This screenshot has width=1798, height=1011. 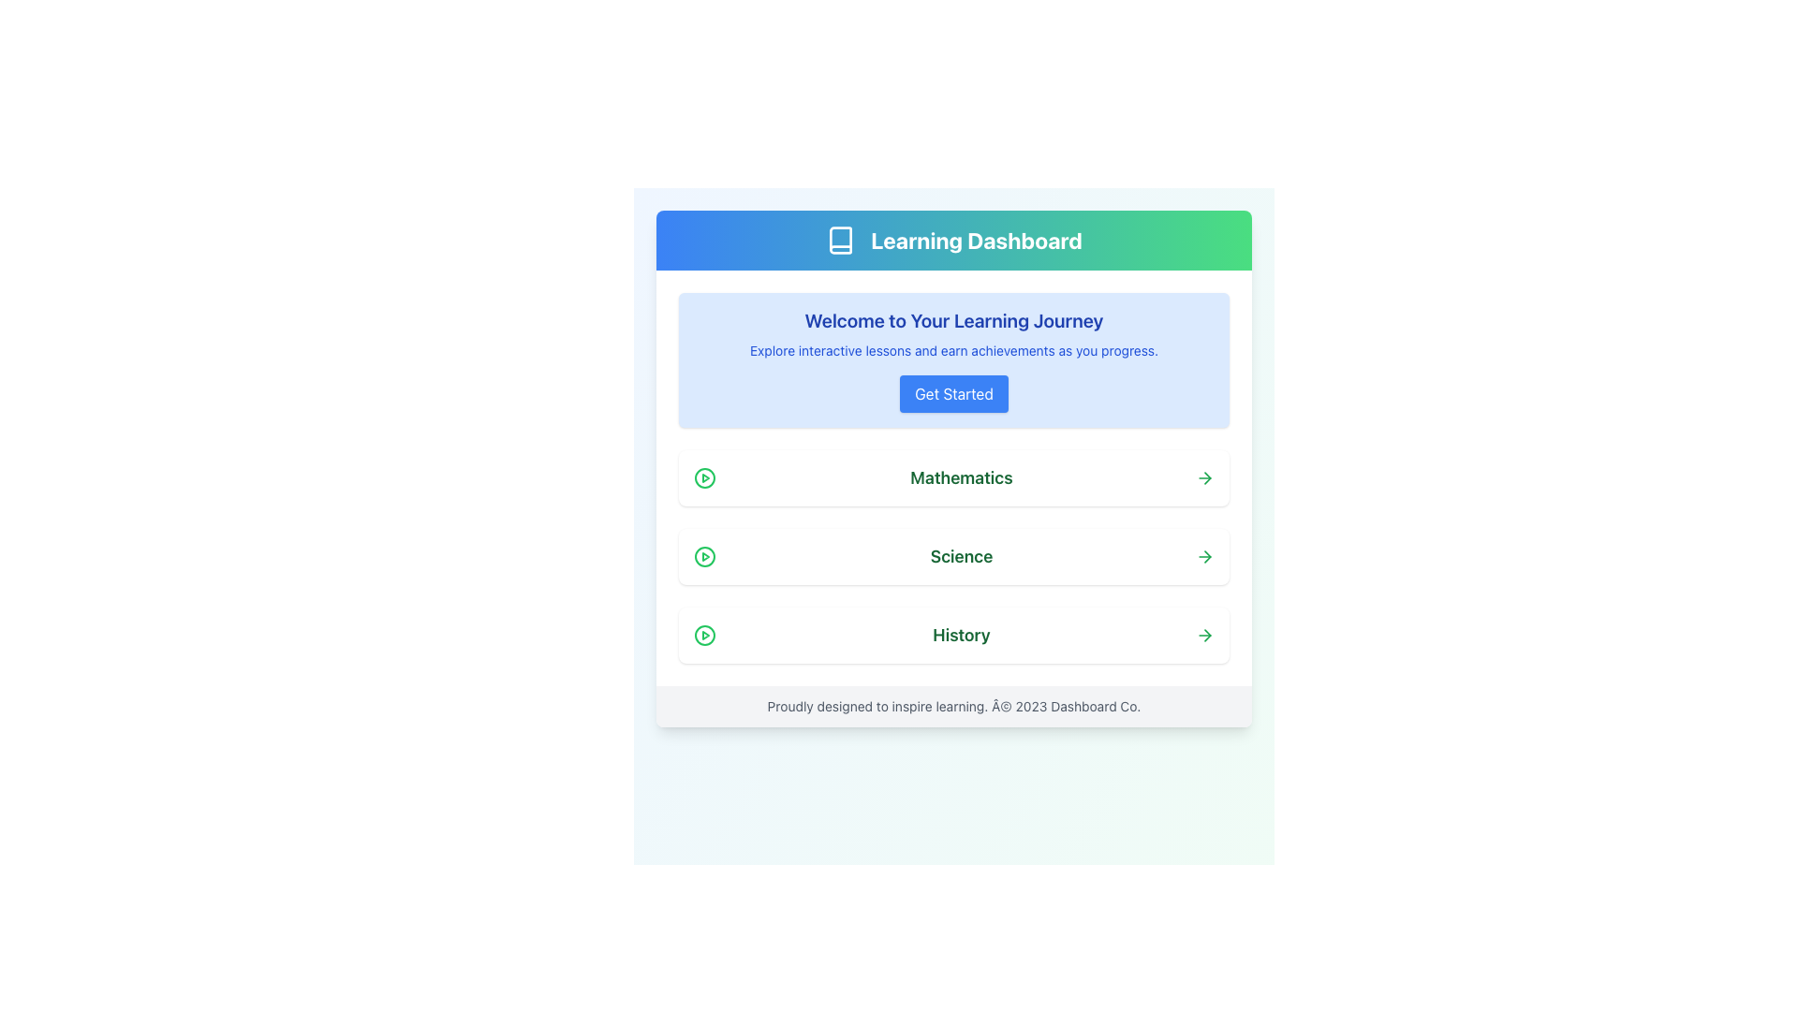 I want to click on the prominently styled rectangular button labeled 'Get Started' with a blue background to observe its hover effects, so click(x=953, y=392).